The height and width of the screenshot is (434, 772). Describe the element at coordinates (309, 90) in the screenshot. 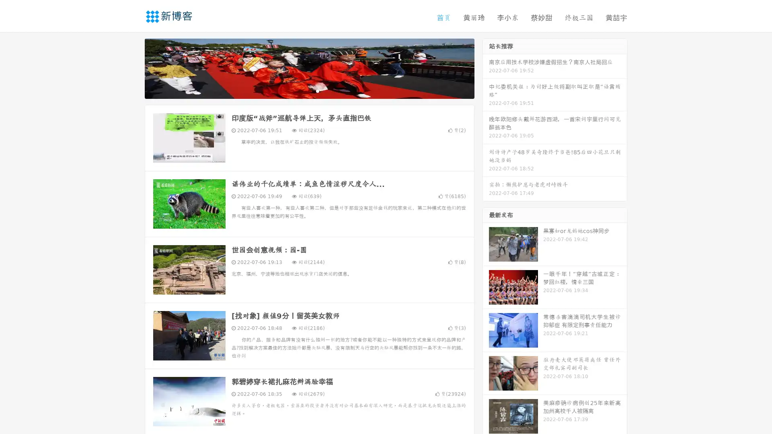

I see `Go to slide 2` at that location.